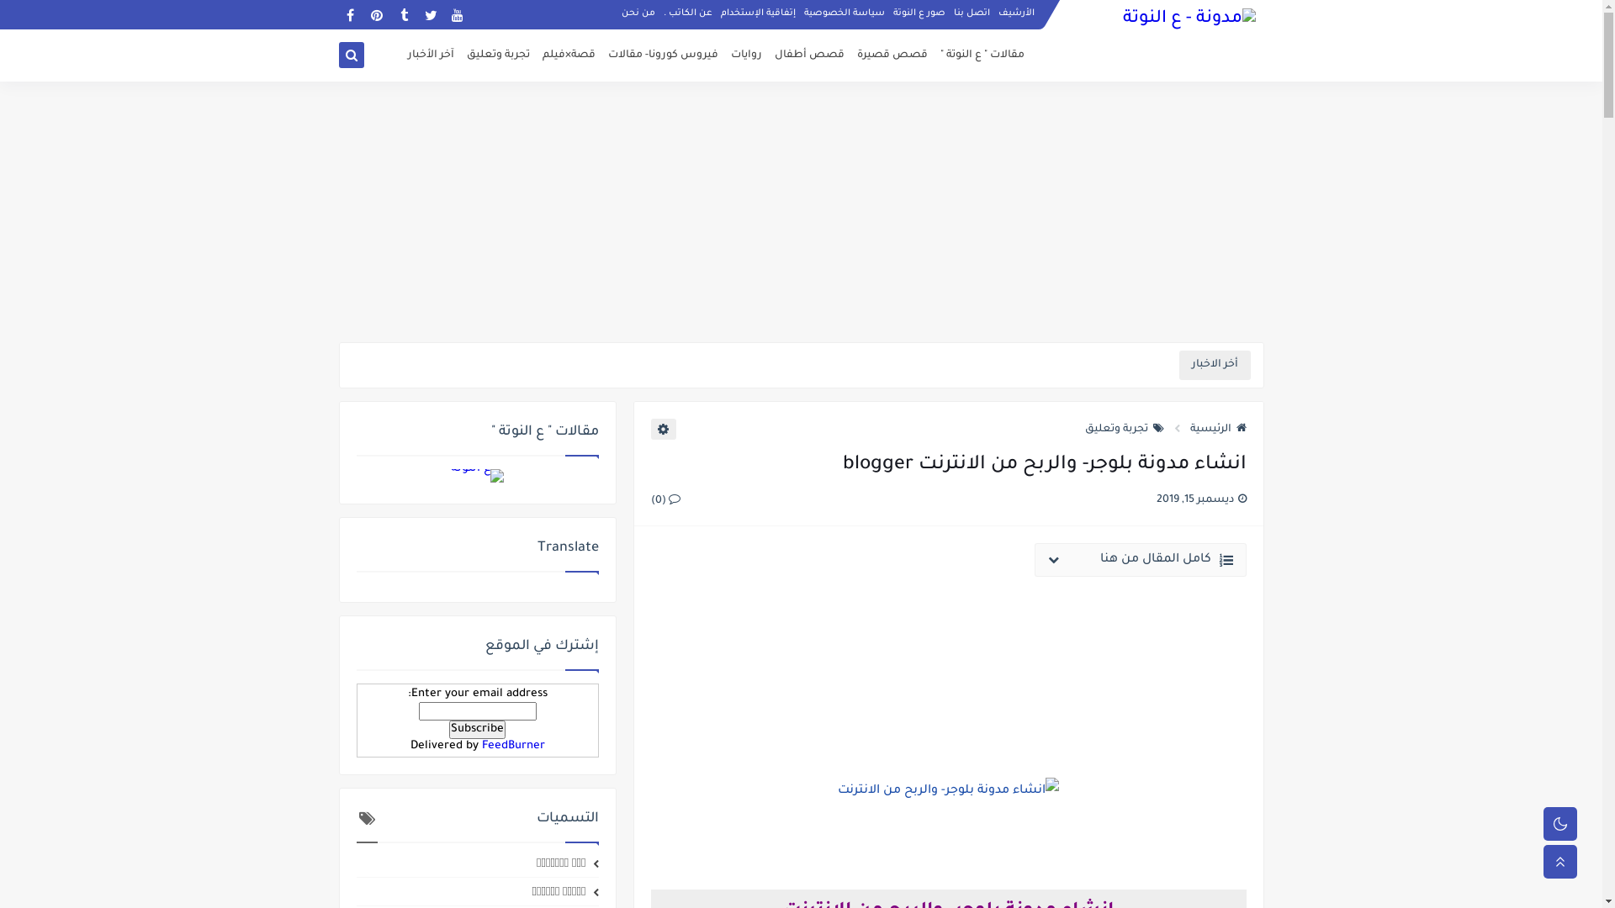 The height and width of the screenshot is (908, 1615). Describe the element at coordinates (419, 14) in the screenshot. I see `'twitter'` at that location.